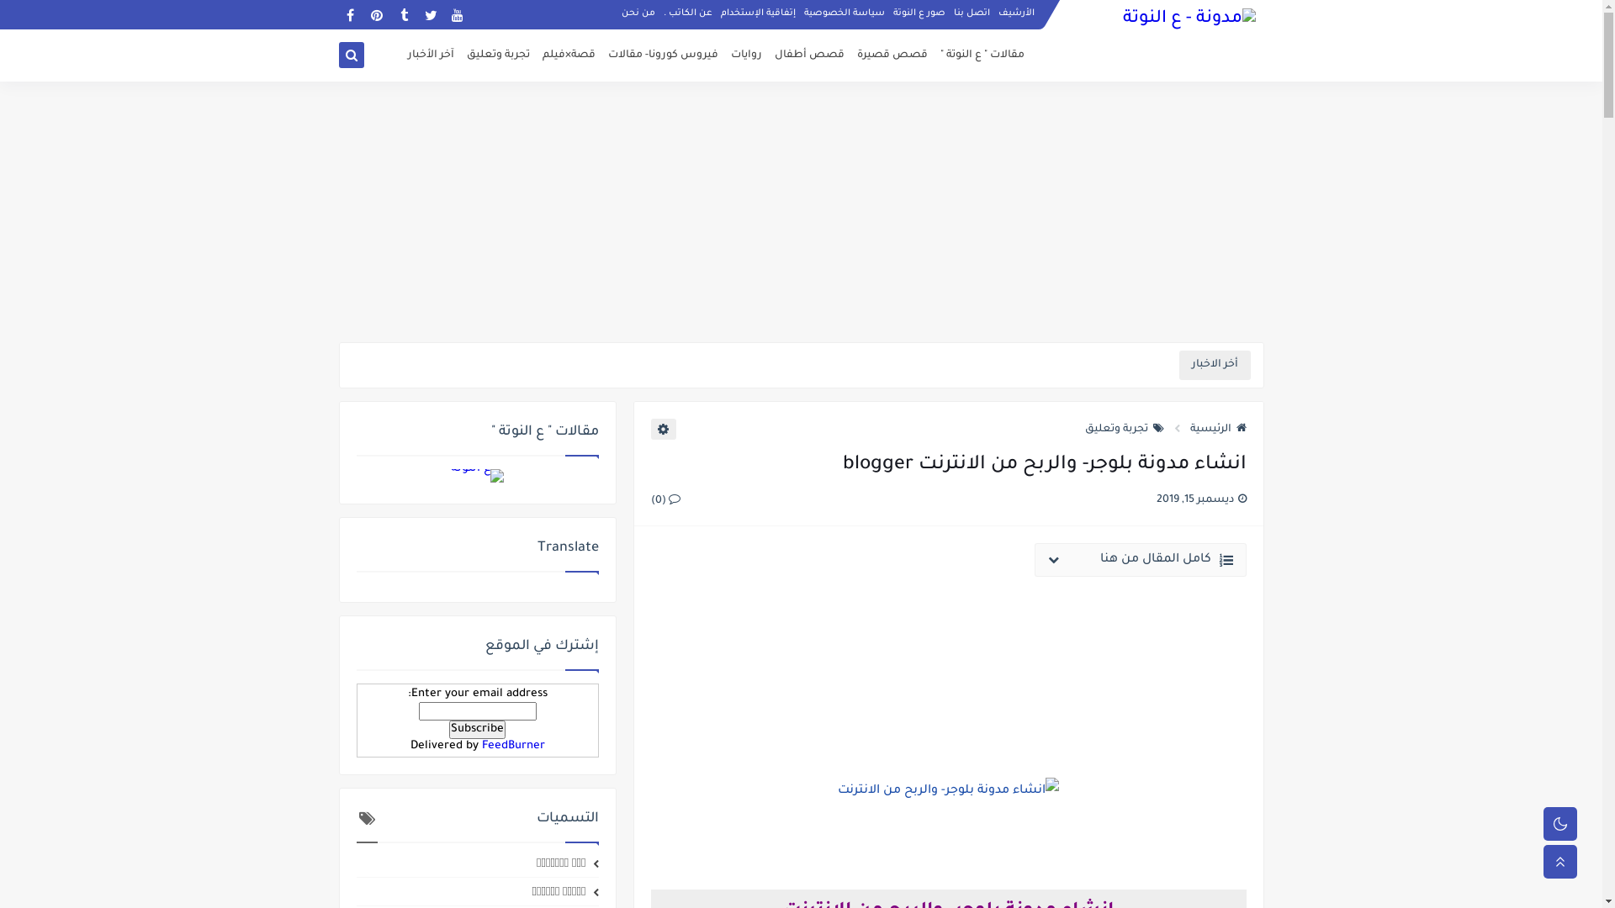 The height and width of the screenshot is (908, 1615). Describe the element at coordinates (419, 14) in the screenshot. I see `'twitter'` at that location.